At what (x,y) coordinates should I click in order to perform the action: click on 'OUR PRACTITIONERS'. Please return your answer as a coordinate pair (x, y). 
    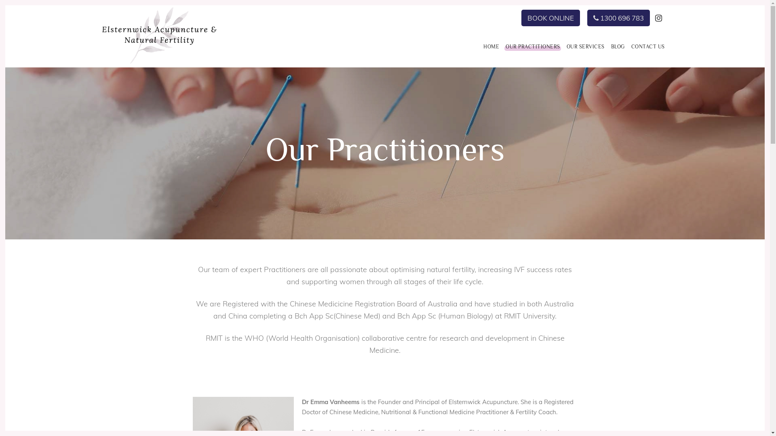
    Looking at the image, I should click on (533, 46).